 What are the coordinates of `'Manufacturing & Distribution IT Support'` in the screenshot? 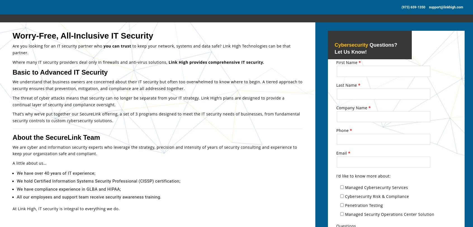 It's located at (372, 51).